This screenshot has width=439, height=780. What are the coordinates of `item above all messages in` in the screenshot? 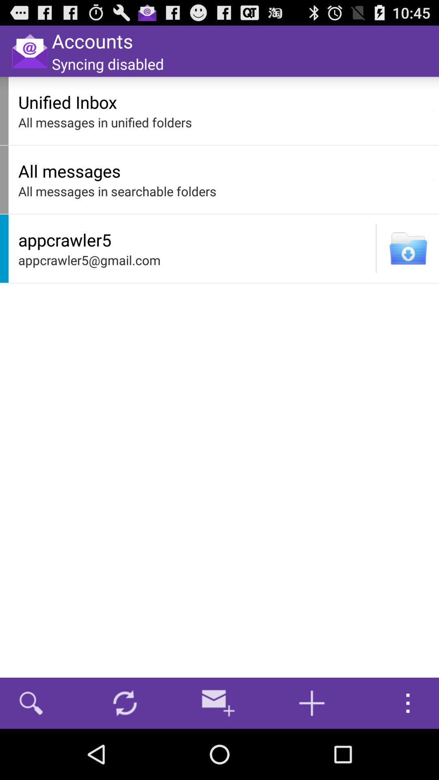 It's located at (224, 102).